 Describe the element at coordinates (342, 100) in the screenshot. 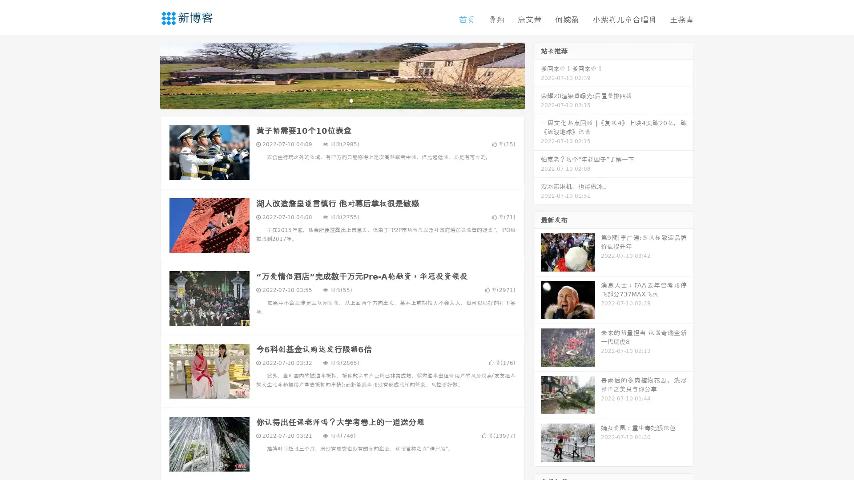

I see `Go to slide 2` at that location.